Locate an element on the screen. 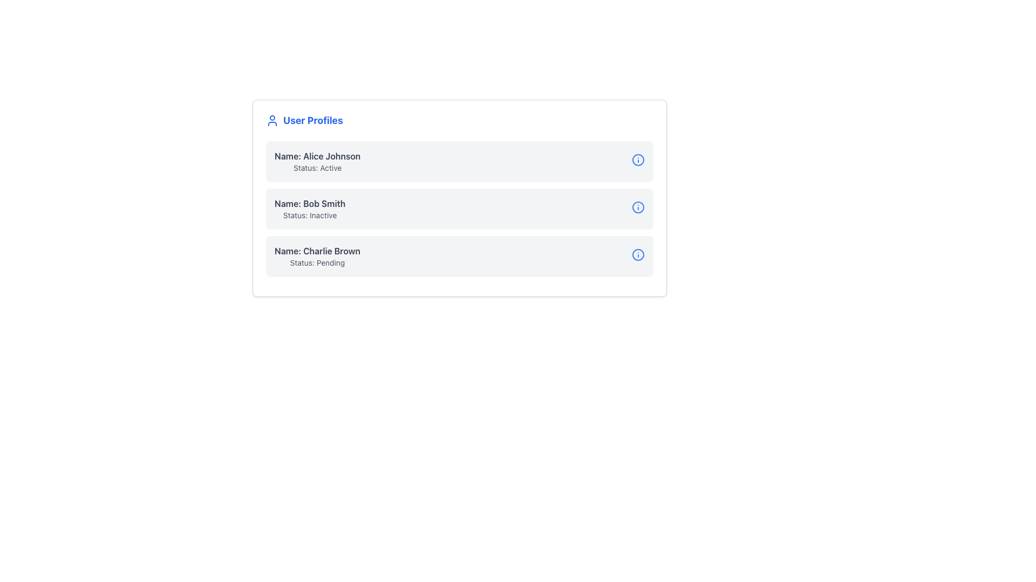 The height and width of the screenshot is (582, 1036). the label displaying 'Status: Pending', which is positioned below the 'Name: Charlie Brown' text in the 'User Profiles' section is located at coordinates (317, 263).